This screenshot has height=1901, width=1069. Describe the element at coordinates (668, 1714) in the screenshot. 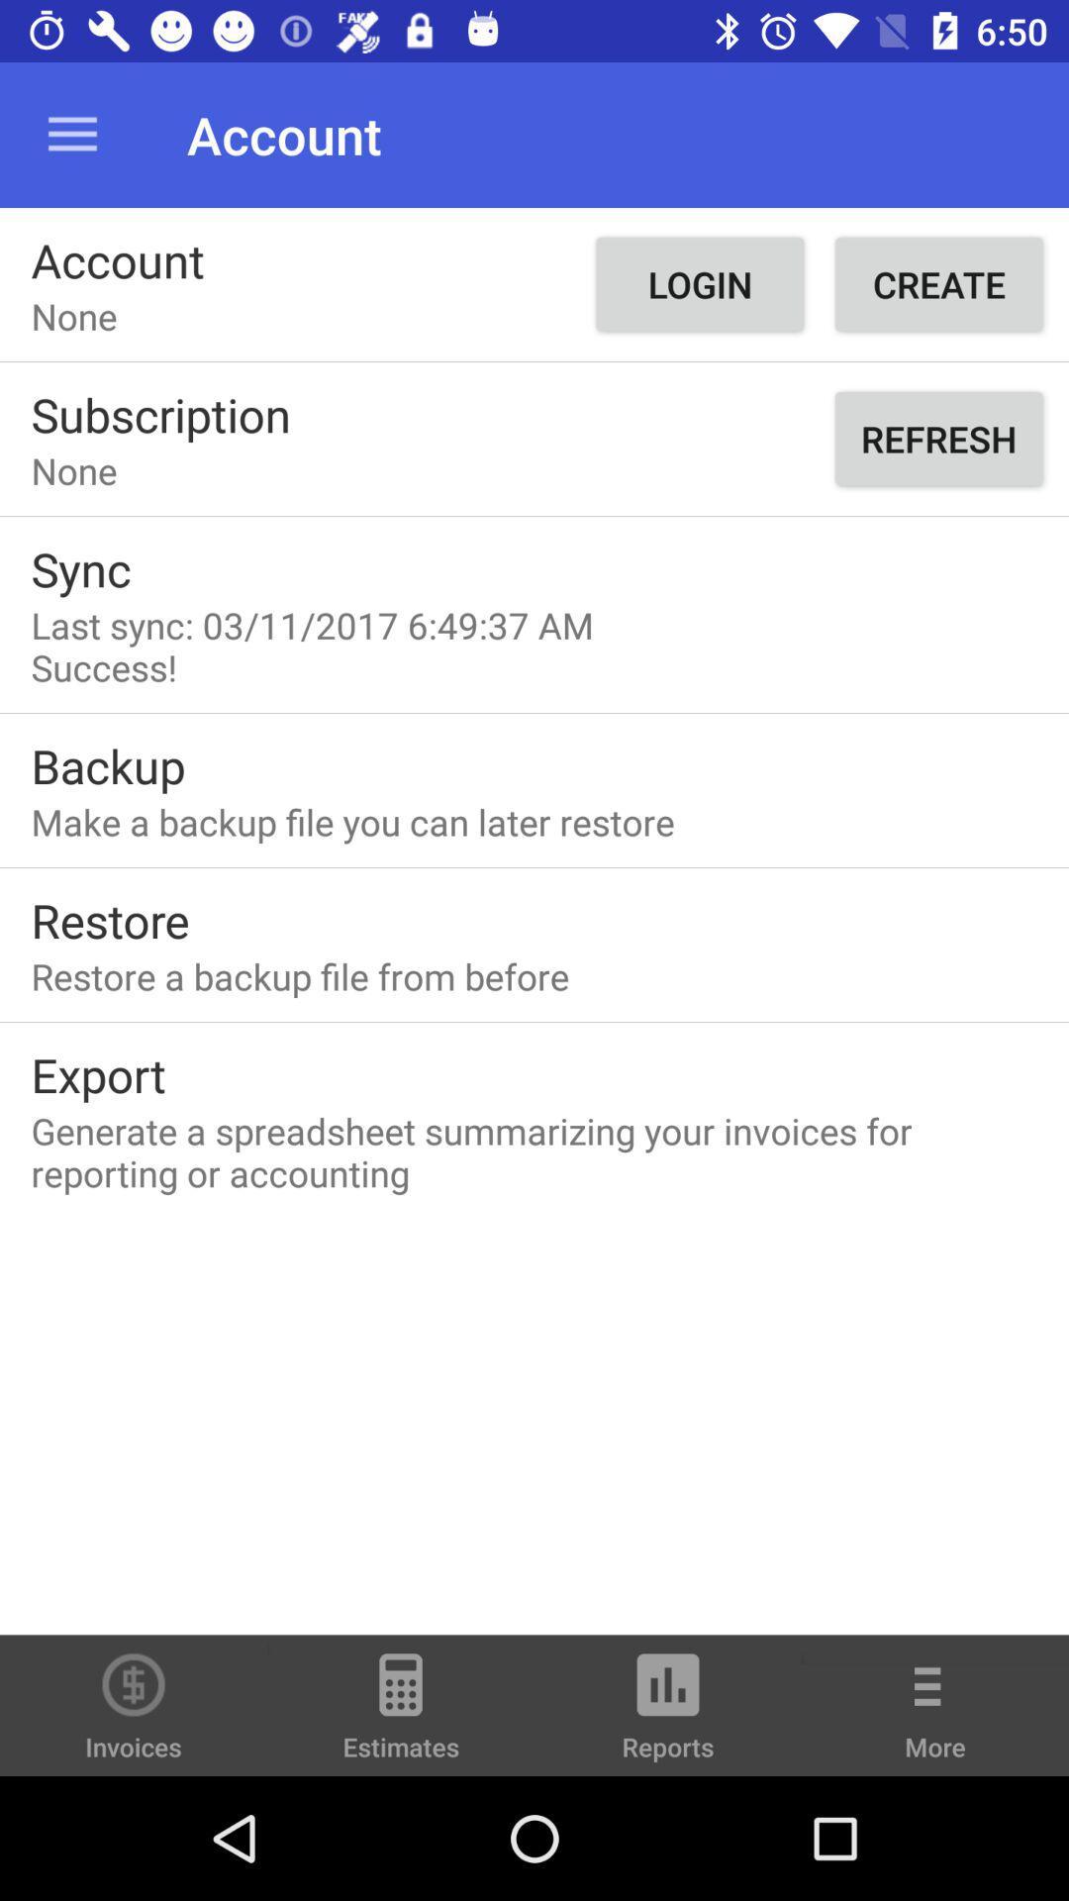

I see `item to the left of the more item` at that location.